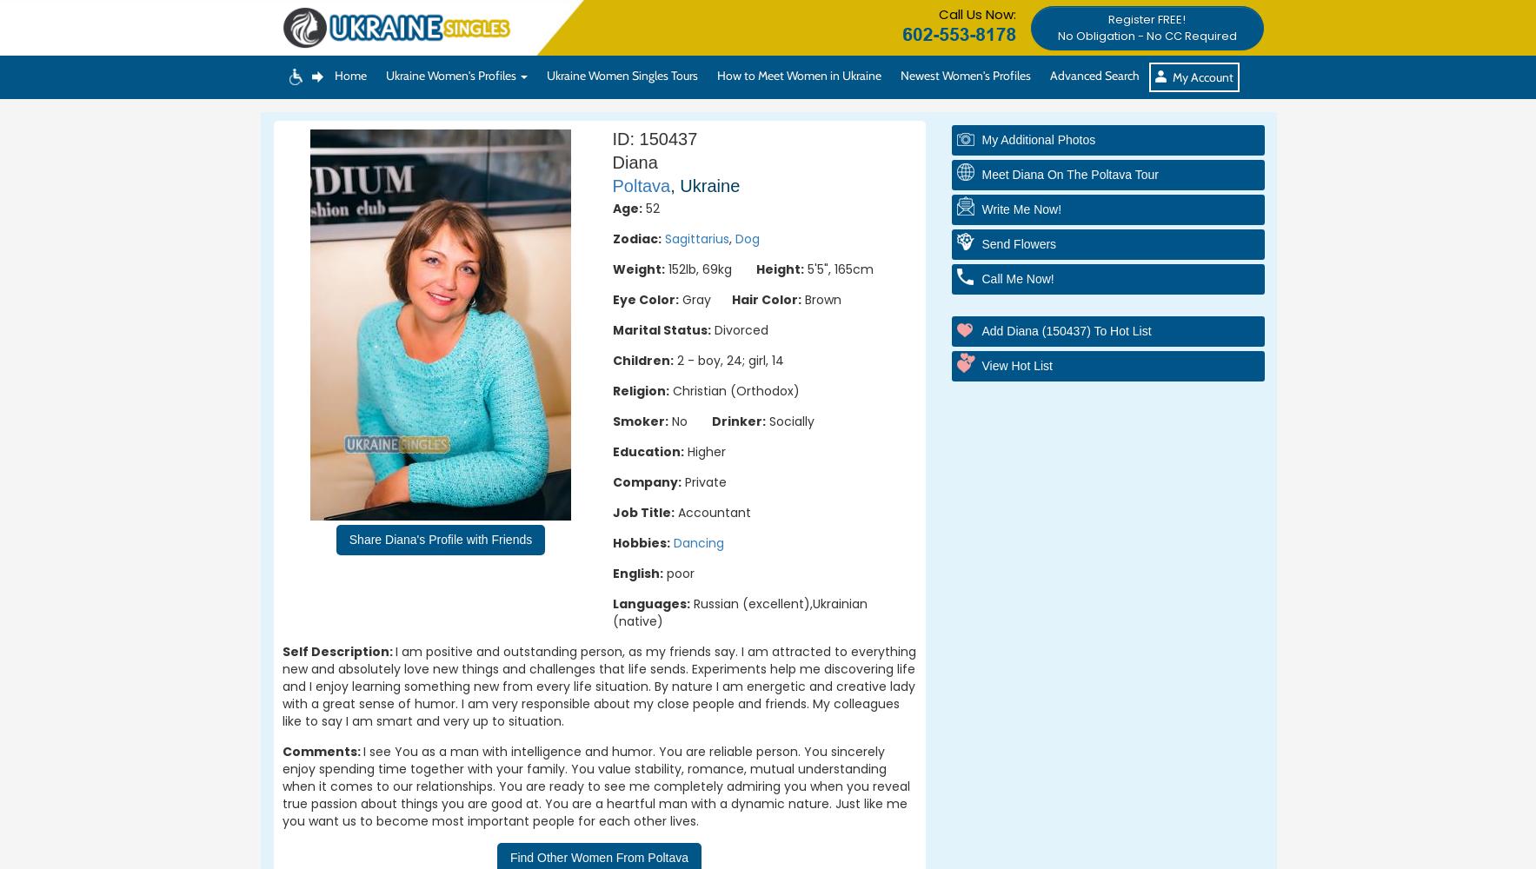  Describe the element at coordinates (1201, 76) in the screenshot. I see `'My Account'` at that location.